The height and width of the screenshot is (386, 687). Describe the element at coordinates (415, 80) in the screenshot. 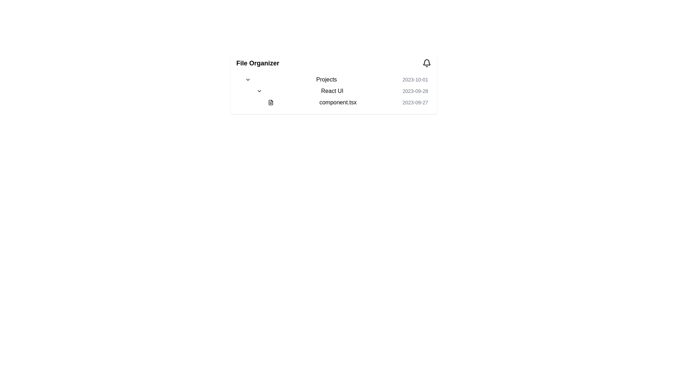

I see `the small-sized text label displaying the date '2023-10-01', which is styled in a subdued gray color and positioned to the right of the 'Projects' label within the 'File Organizer' section` at that location.